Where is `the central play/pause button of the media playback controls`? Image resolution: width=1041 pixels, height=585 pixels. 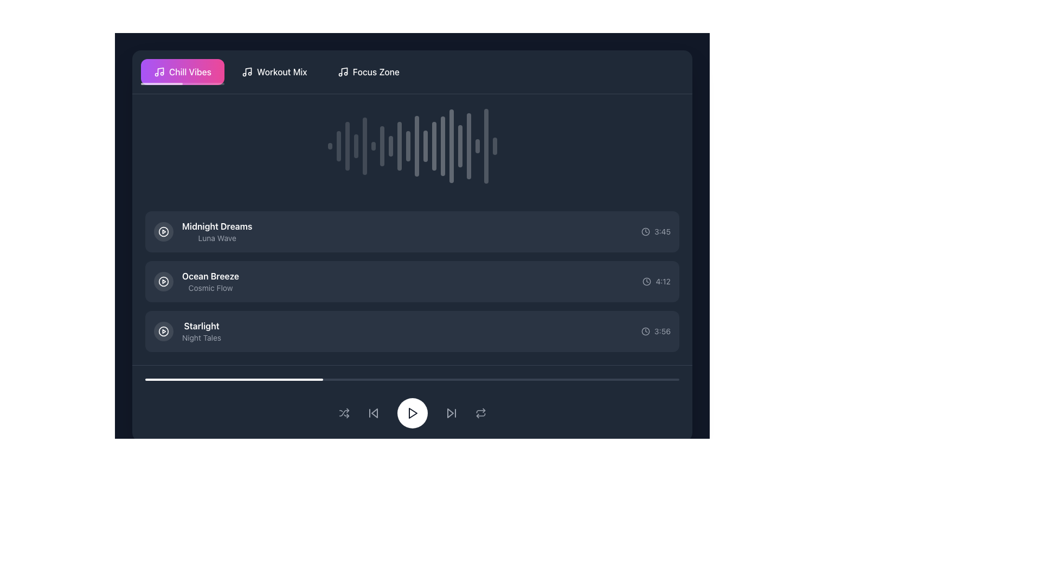
the central play/pause button of the media playback controls is located at coordinates (412, 413).